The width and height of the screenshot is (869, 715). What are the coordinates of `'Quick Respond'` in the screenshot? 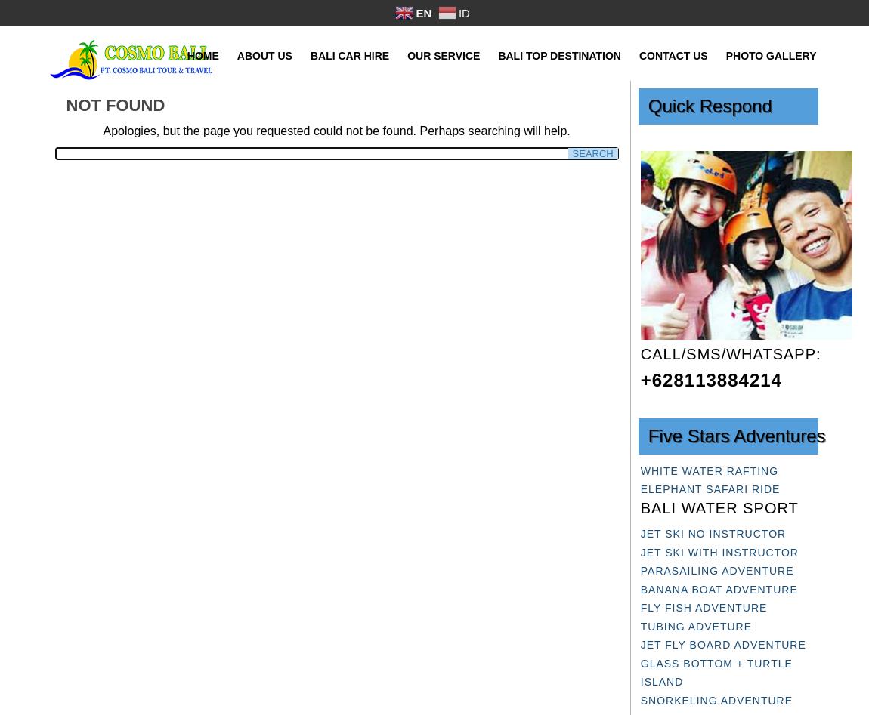 It's located at (646, 105).